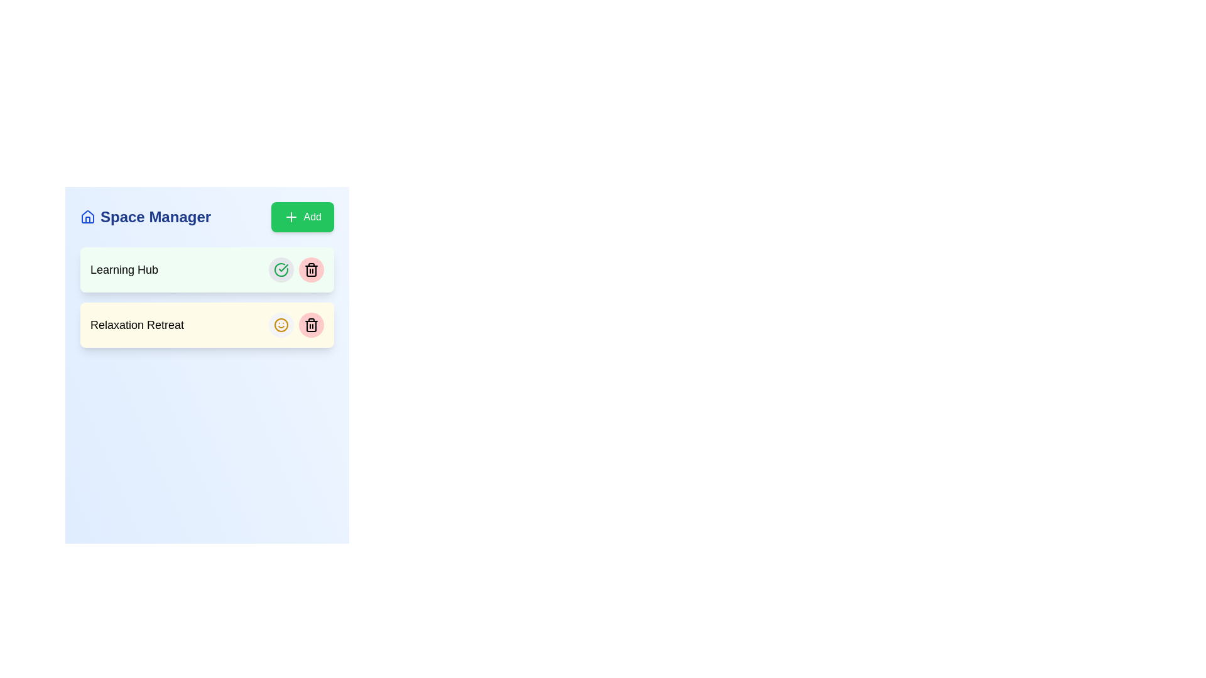 The height and width of the screenshot is (678, 1206). I want to click on the Header section labeled 'Space Manager', so click(207, 217).